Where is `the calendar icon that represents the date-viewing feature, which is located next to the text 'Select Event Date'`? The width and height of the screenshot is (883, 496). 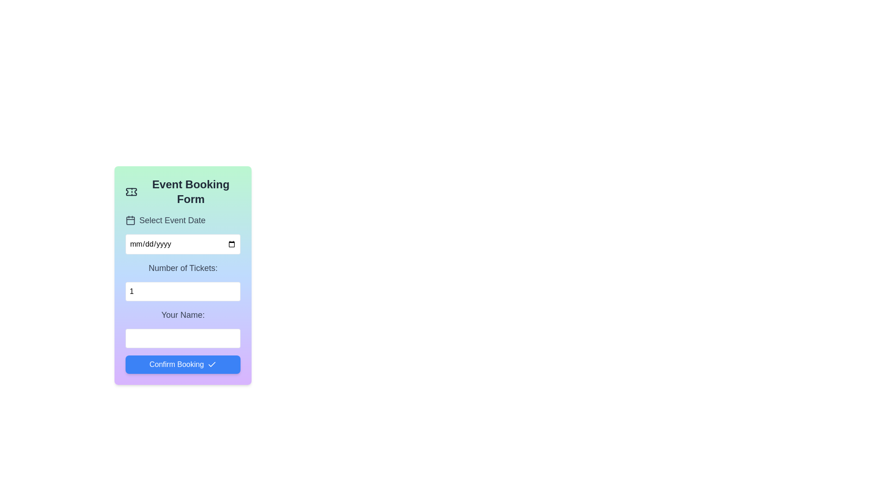 the calendar icon that represents the date-viewing feature, which is located next to the text 'Select Event Date' is located at coordinates (130, 220).